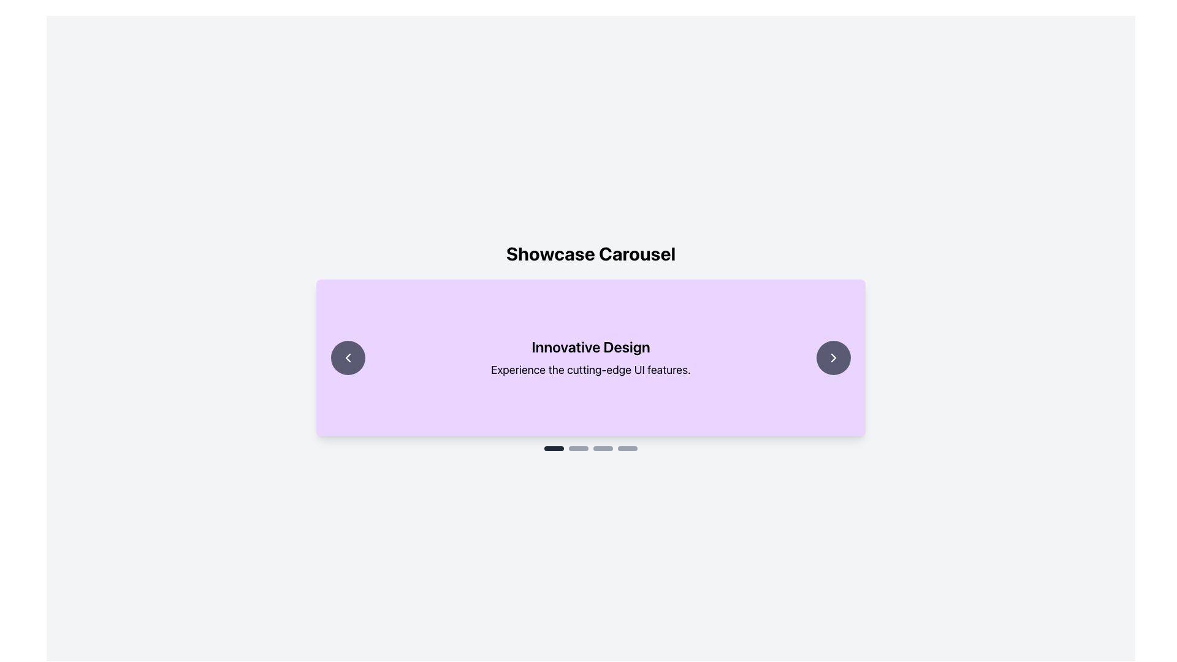 The height and width of the screenshot is (662, 1177). Describe the element at coordinates (591, 449) in the screenshot. I see `the Navigation Indicator located at the bottom of the content block` at that location.